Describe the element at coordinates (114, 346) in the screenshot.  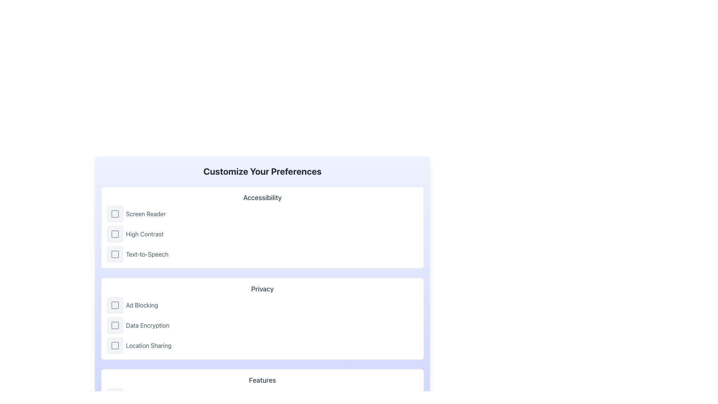
I see `the Checkbox-like component located in the 'Privacy' section, to the left of 'Location Sharing'` at that location.